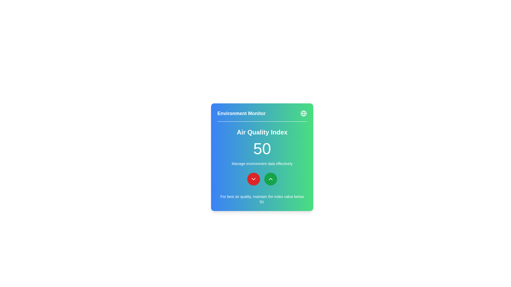  I want to click on the red or green button in the horizontal button group below the 'Air Quality Index' value to interact with its associated function, so click(262, 179).